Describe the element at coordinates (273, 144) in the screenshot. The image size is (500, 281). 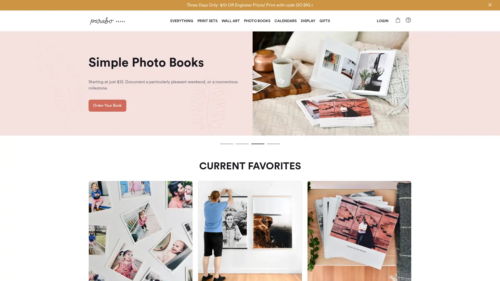
I see `slide dot` at that location.